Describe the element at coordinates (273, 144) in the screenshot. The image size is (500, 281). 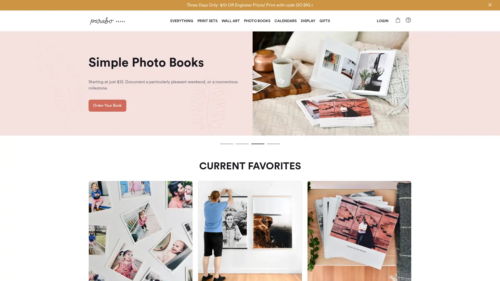
I see `slide dot` at that location.